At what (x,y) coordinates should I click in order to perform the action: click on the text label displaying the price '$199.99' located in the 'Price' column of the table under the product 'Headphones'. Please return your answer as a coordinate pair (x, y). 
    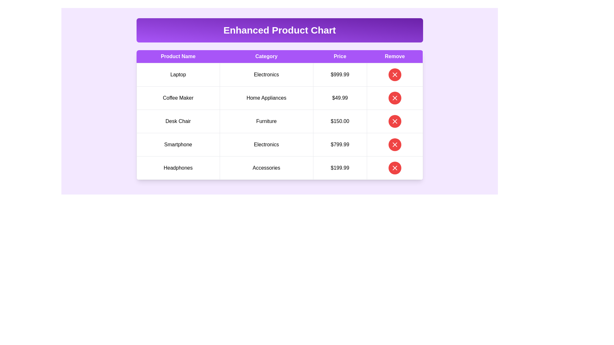
    Looking at the image, I should click on (340, 167).